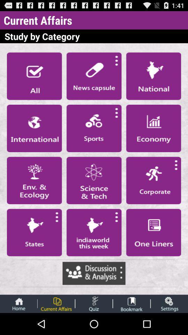  What do you see at coordinates (34, 180) in the screenshot?
I see `category button` at bounding box center [34, 180].